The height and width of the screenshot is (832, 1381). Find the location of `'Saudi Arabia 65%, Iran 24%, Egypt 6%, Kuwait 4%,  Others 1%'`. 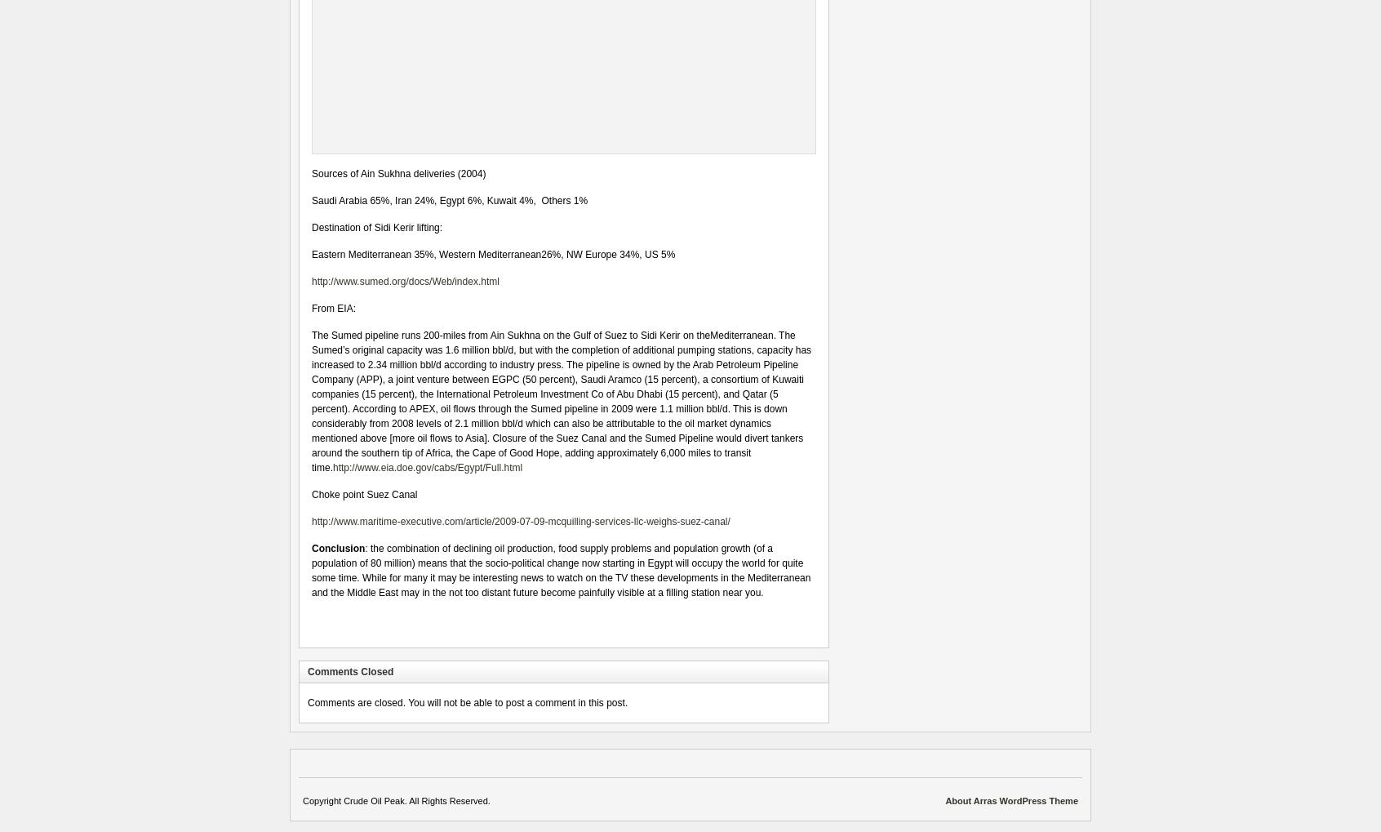

'Saudi Arabia 65%, Iran 24%, Egypt 6%, Kuwait 4%,  Others 1%' is located at coordinates (450, 200).